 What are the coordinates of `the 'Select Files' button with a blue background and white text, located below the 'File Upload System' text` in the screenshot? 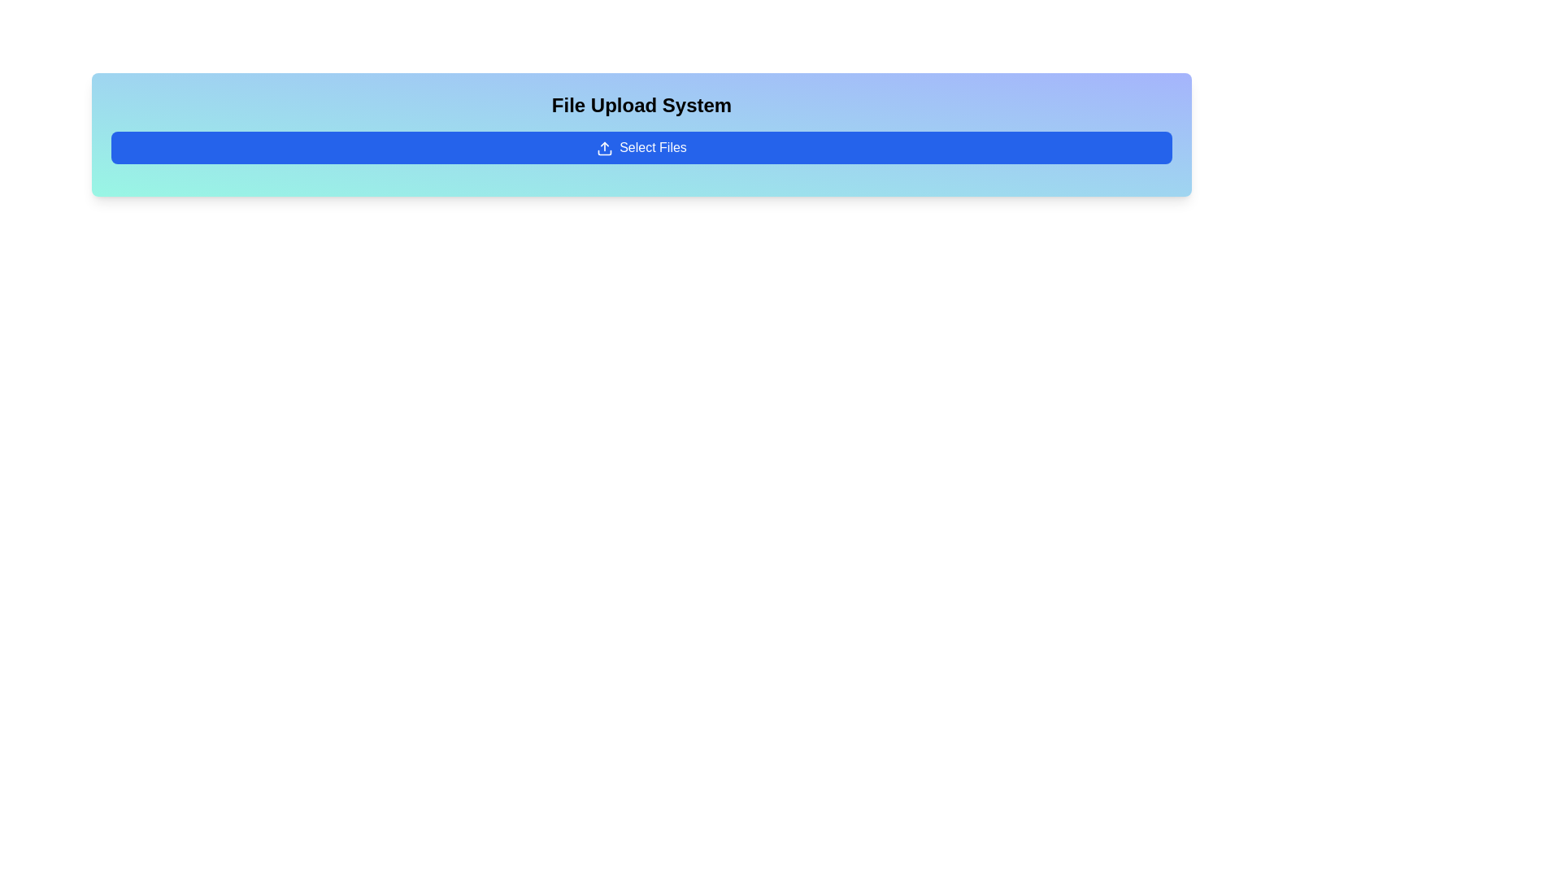 It's located at (641, 147).